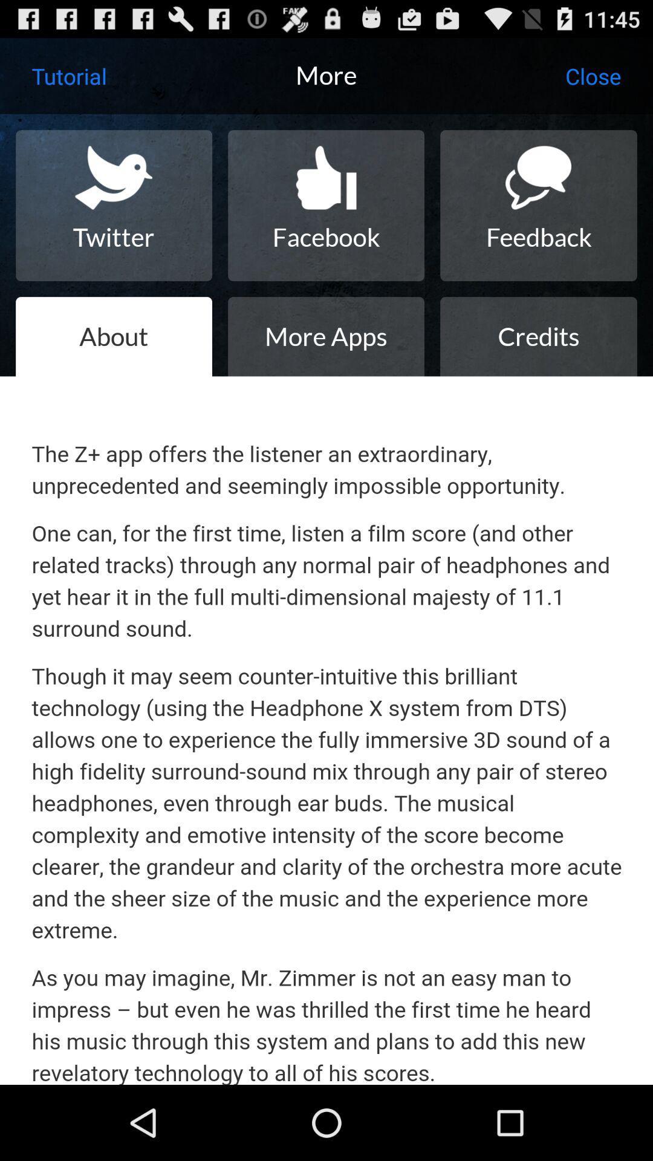 The width and height of the screenshot is (653, 1161). What do you see at coordinates (325, 336) in the screenshot?
I see `icon below facebook item` at bounding box center [325, 336].